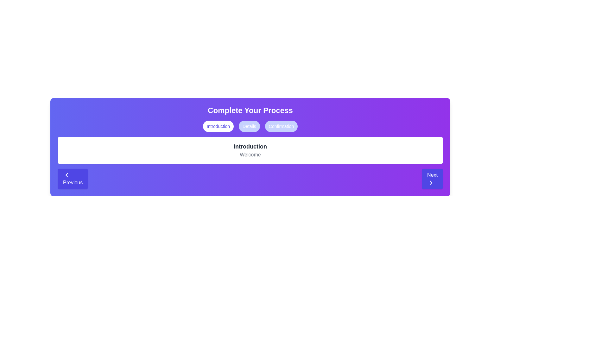  Describe the element at coordinates (67, 175) in the screenshot. I see `the 'Previous' button, which contains a leftward pointing chevron icon` at that location.